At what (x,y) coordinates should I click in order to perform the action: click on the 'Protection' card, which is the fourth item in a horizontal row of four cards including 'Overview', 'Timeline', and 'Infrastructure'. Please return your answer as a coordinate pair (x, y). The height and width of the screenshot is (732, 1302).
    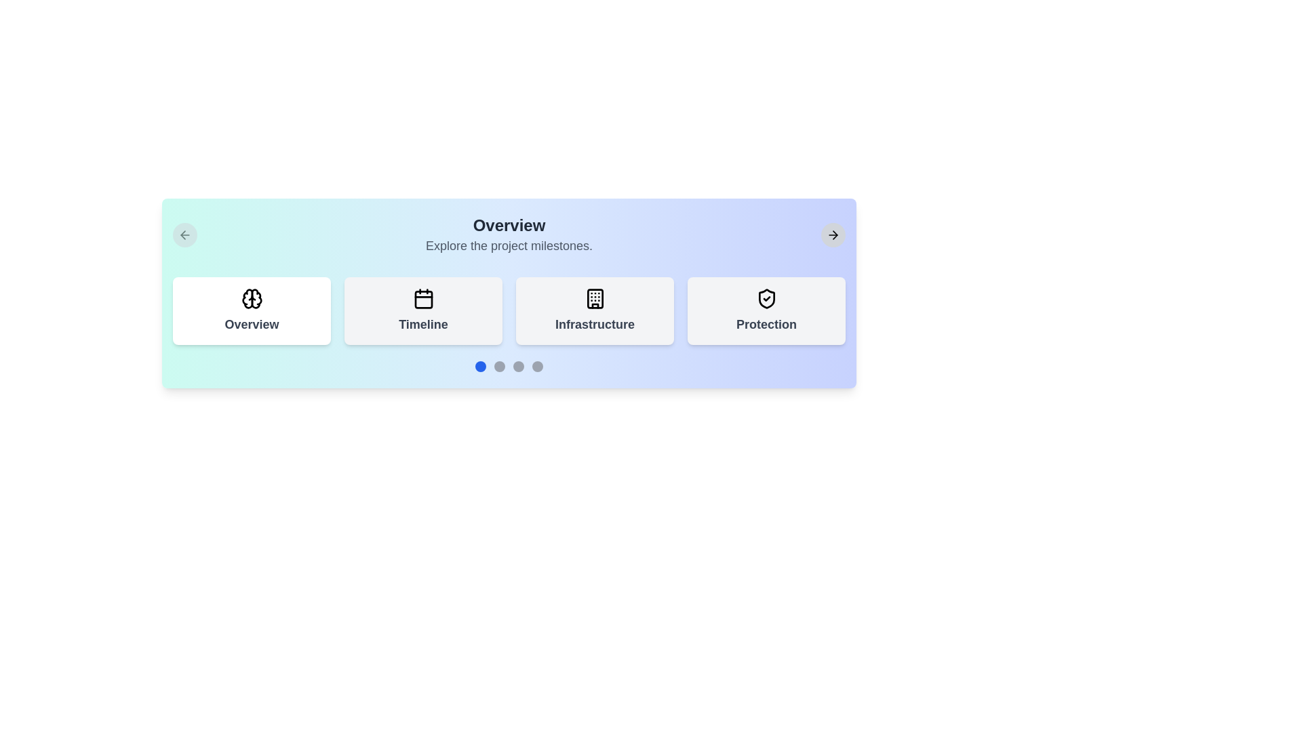
    Looking at the image, I should click on (766, 311).